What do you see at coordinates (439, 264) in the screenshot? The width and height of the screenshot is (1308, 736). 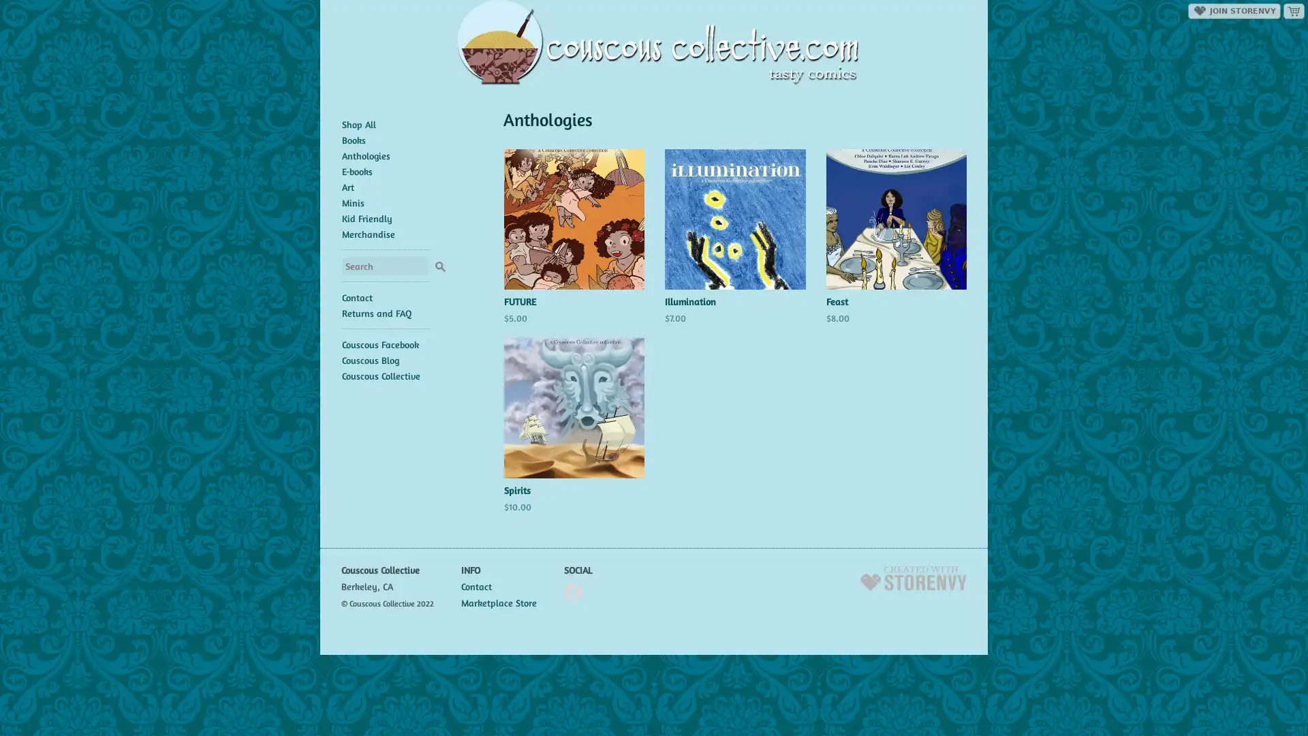 I see `Search` at bounding box center [439, 264].